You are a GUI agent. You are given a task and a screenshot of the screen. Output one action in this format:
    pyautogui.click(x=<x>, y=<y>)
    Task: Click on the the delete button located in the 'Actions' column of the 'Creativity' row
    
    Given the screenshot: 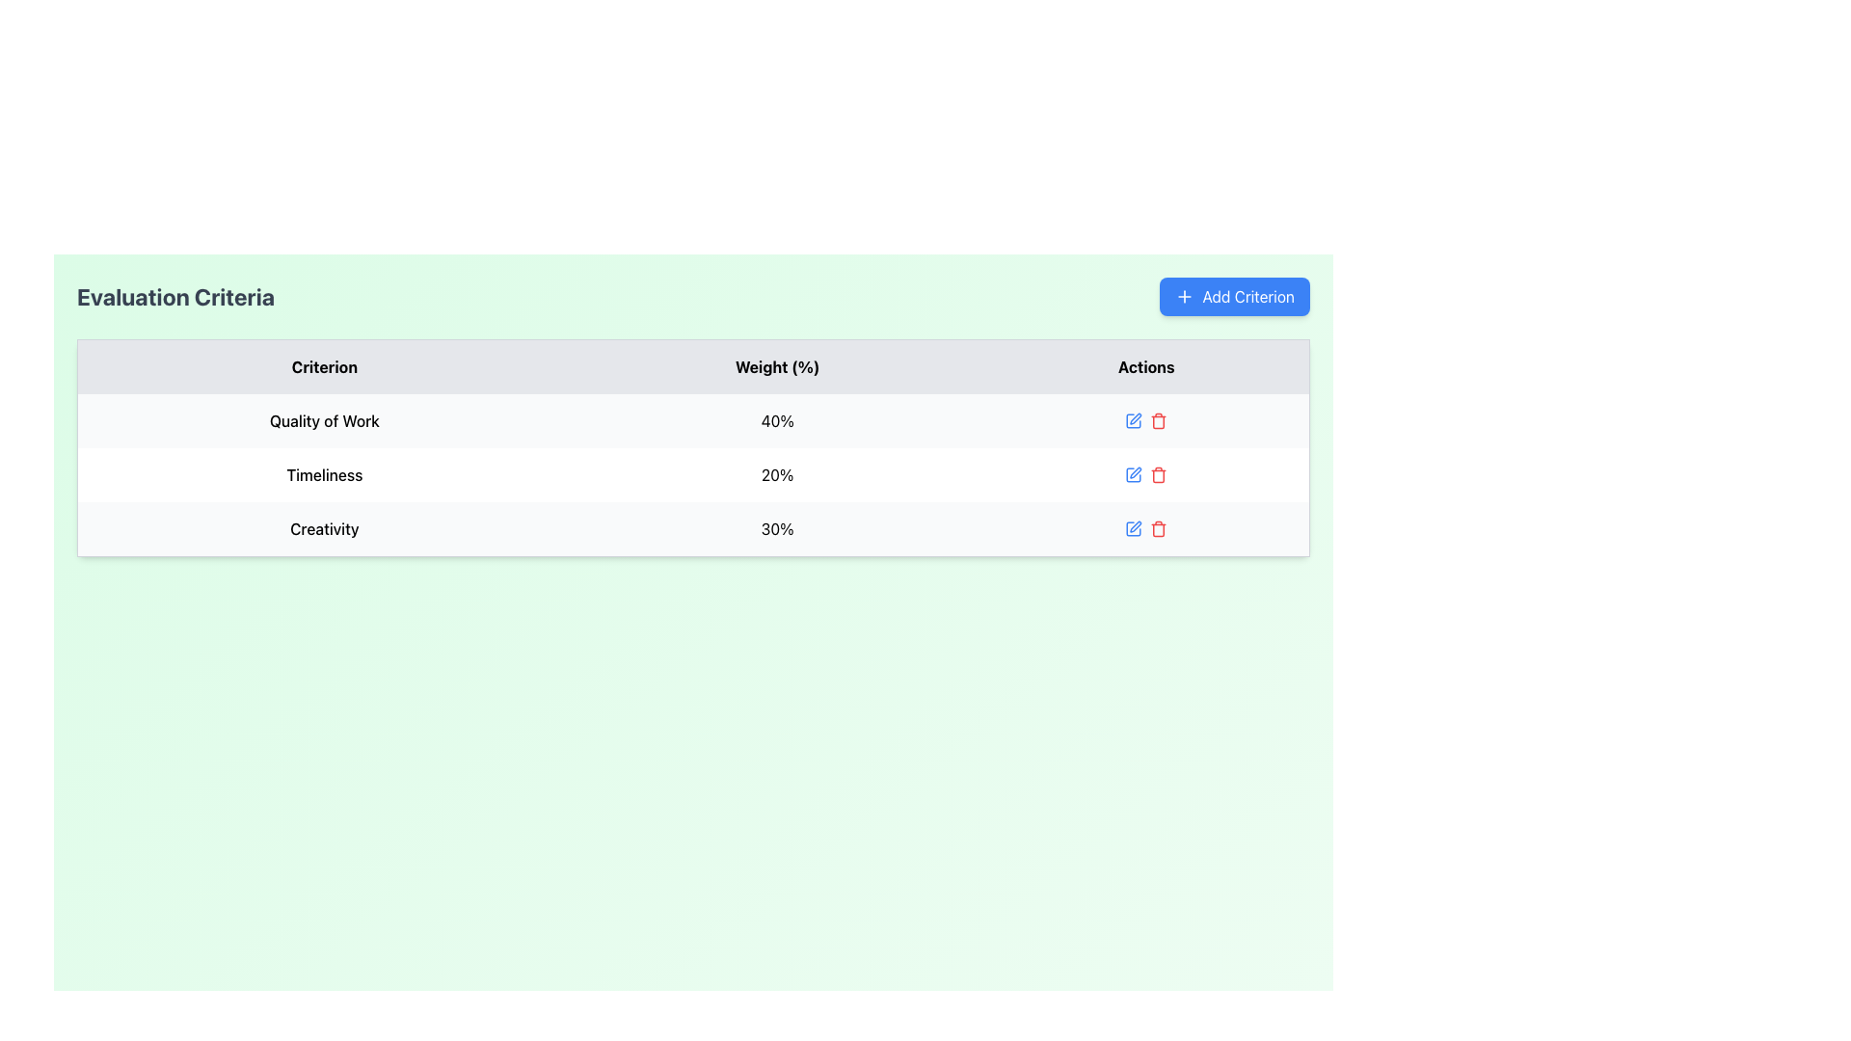 What is the action you would take?
    pyautogui.click(x=1158, y=528)
    